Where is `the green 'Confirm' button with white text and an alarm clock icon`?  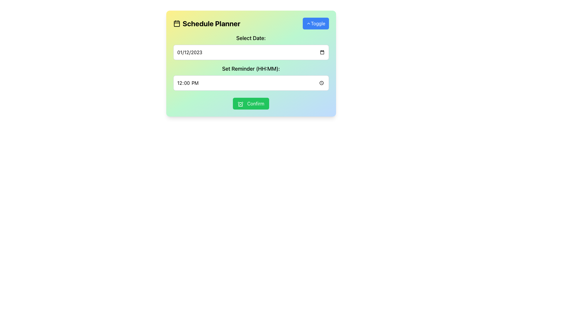
the green 'Confirm' button with white text and an alarm clock icon is located at coordinates (251, 103).